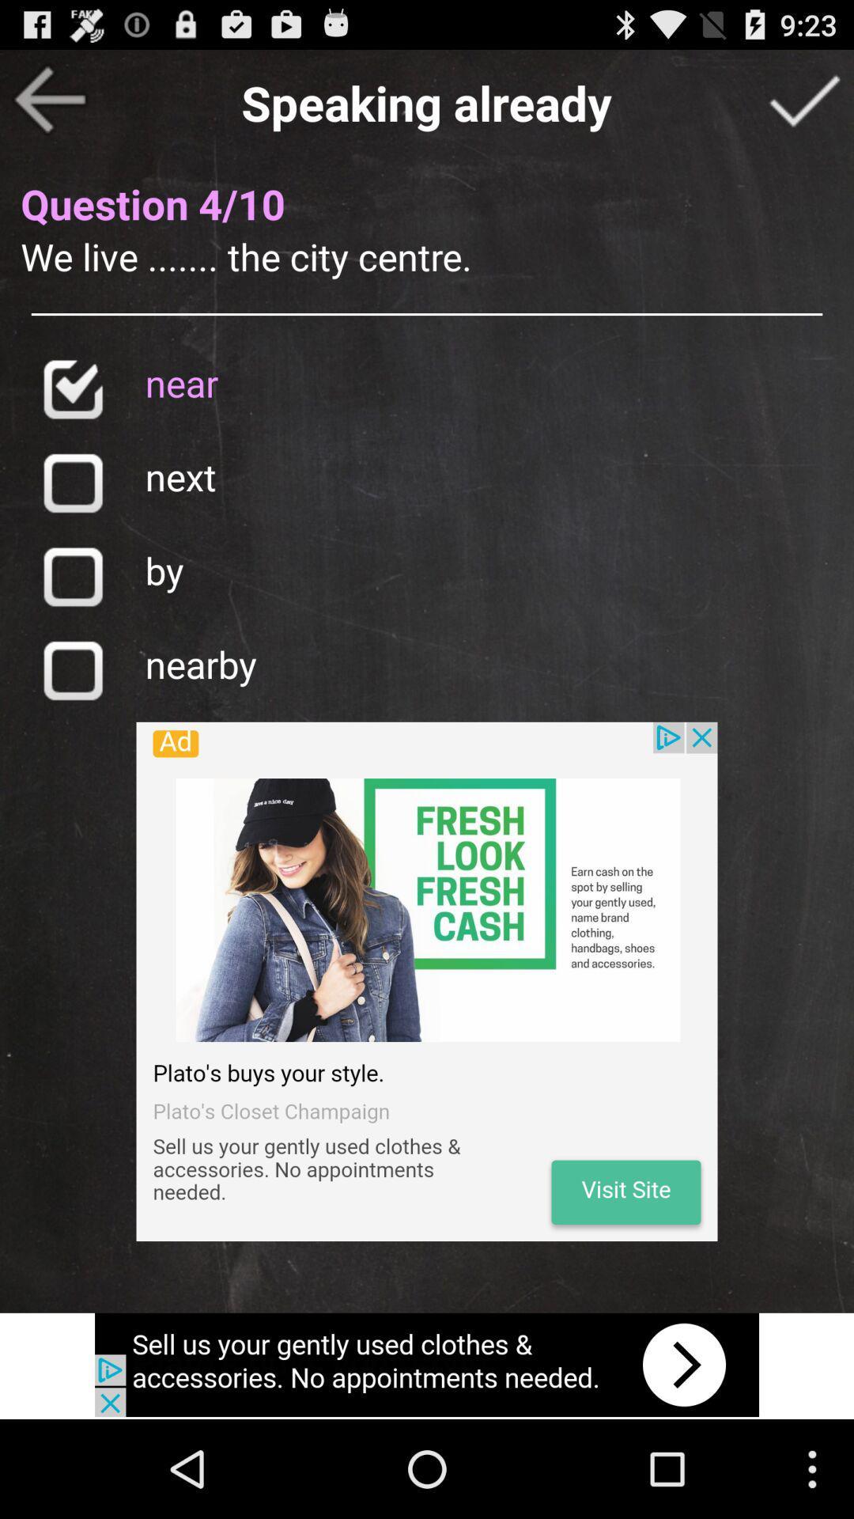 The height and width of the screenshot is (1519, 854). What do you see at coordinates (72, 575) in the screenshot?
I see `answer` at bounding box center [72, 575].